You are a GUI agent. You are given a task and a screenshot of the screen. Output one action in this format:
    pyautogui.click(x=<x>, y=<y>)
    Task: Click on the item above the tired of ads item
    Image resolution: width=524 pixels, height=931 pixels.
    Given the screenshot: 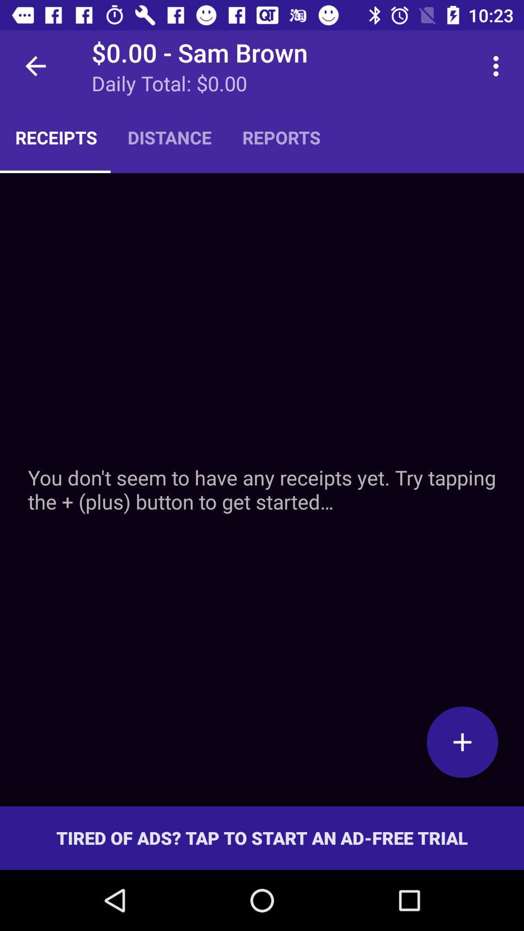 What is the action you would take?
    pyautogui.click(x=262, y=489)
    